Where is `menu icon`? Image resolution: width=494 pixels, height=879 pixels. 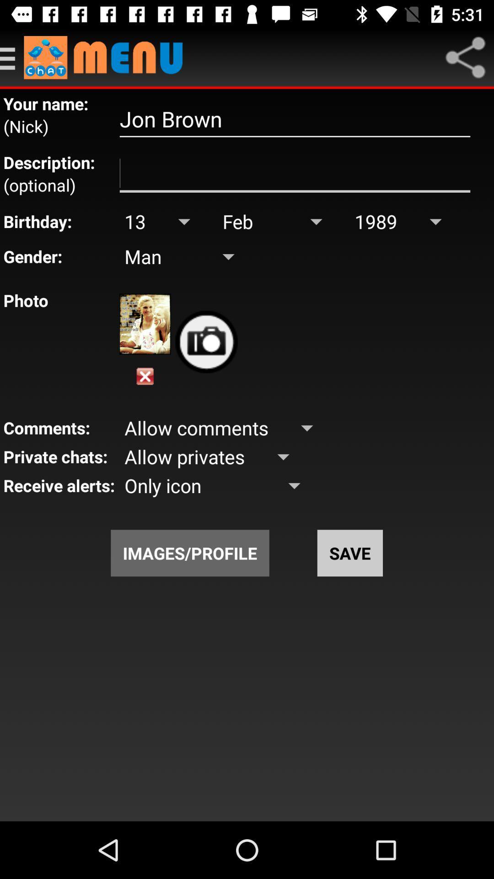
menu icon is located at coordinates (465, 57).